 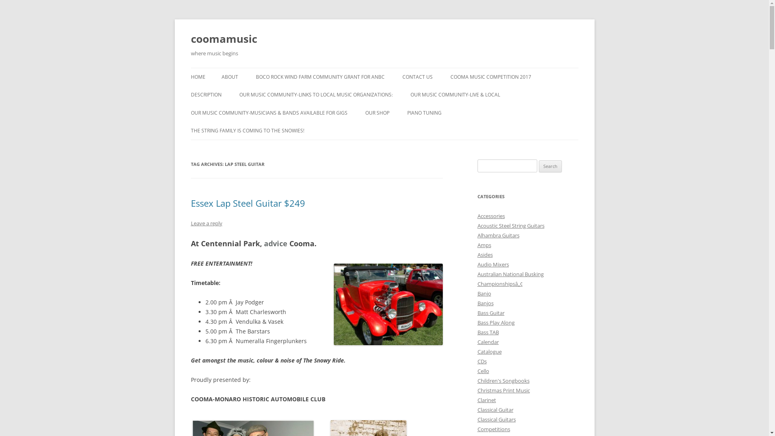 I want to click on 'ACCESSORIES', so click(x=364, y=130).